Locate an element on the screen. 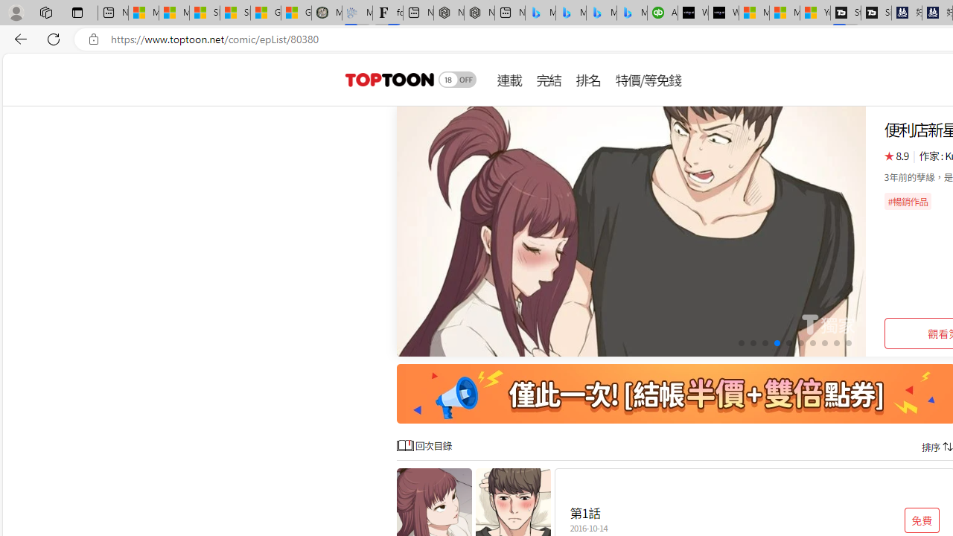  'Class: swiper-slide' is located at coordinates (631, 232).